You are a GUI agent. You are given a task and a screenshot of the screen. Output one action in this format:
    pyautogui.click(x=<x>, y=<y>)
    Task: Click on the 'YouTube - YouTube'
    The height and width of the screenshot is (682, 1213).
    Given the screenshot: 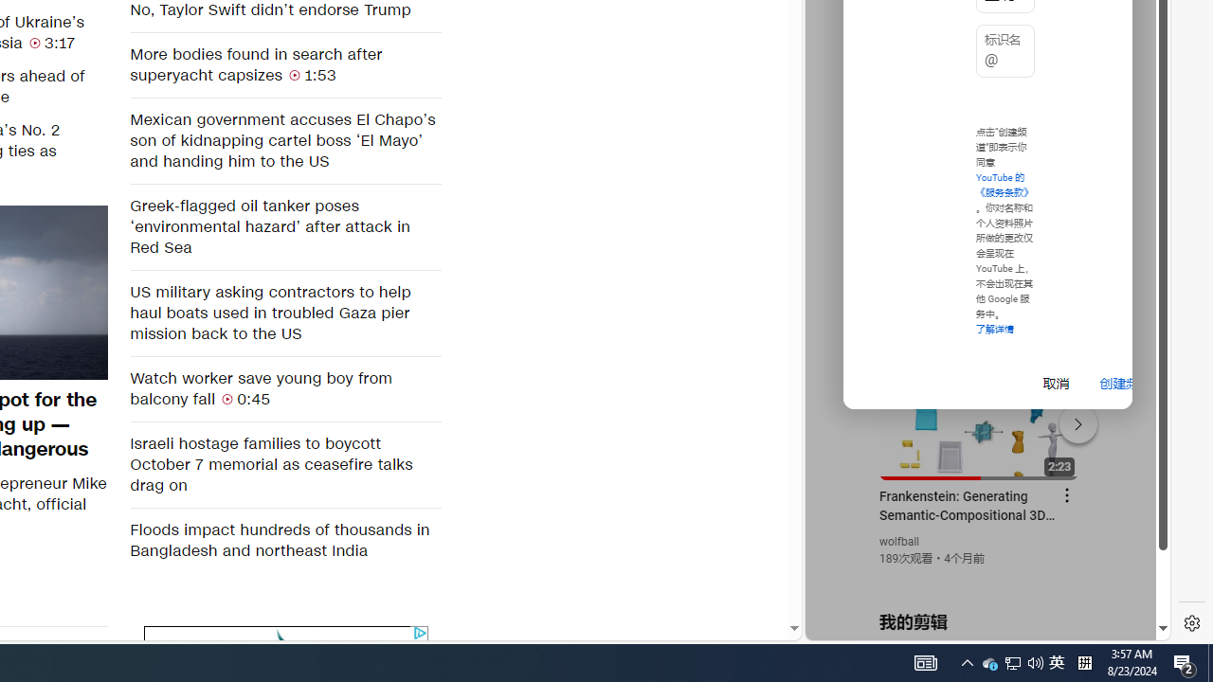 What is the action you would take?
    pyautogui.click(x=980, y=251)
    